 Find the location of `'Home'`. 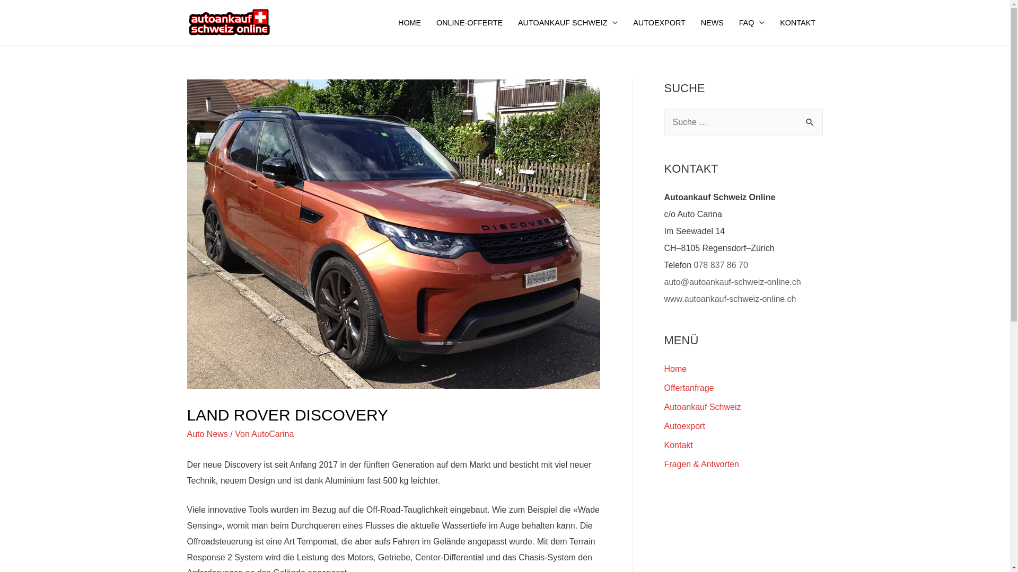

'Home' is located at coordinates (674, 368).